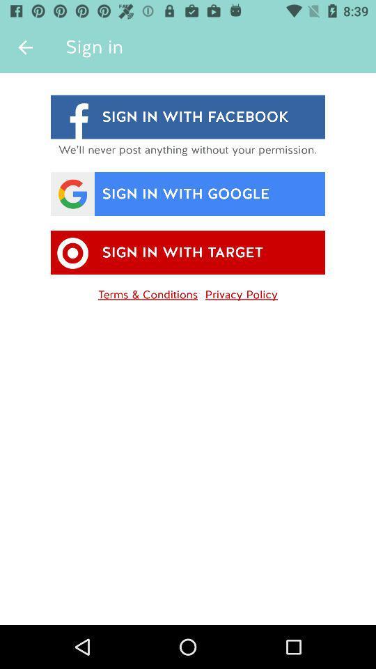 This screenshot has width=376, height=669. Describe the element at coordinates (147, 291) in the screenshot. I see `the item to the left of privacy policy item` at that location.